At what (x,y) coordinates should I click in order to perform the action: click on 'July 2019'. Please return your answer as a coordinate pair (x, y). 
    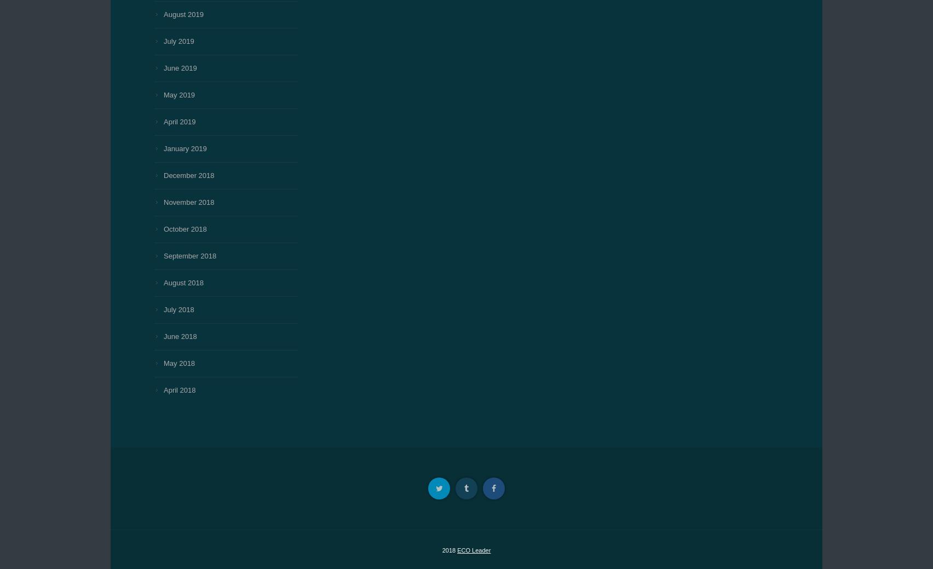
    Looking at the image, I should click on (163, 41).